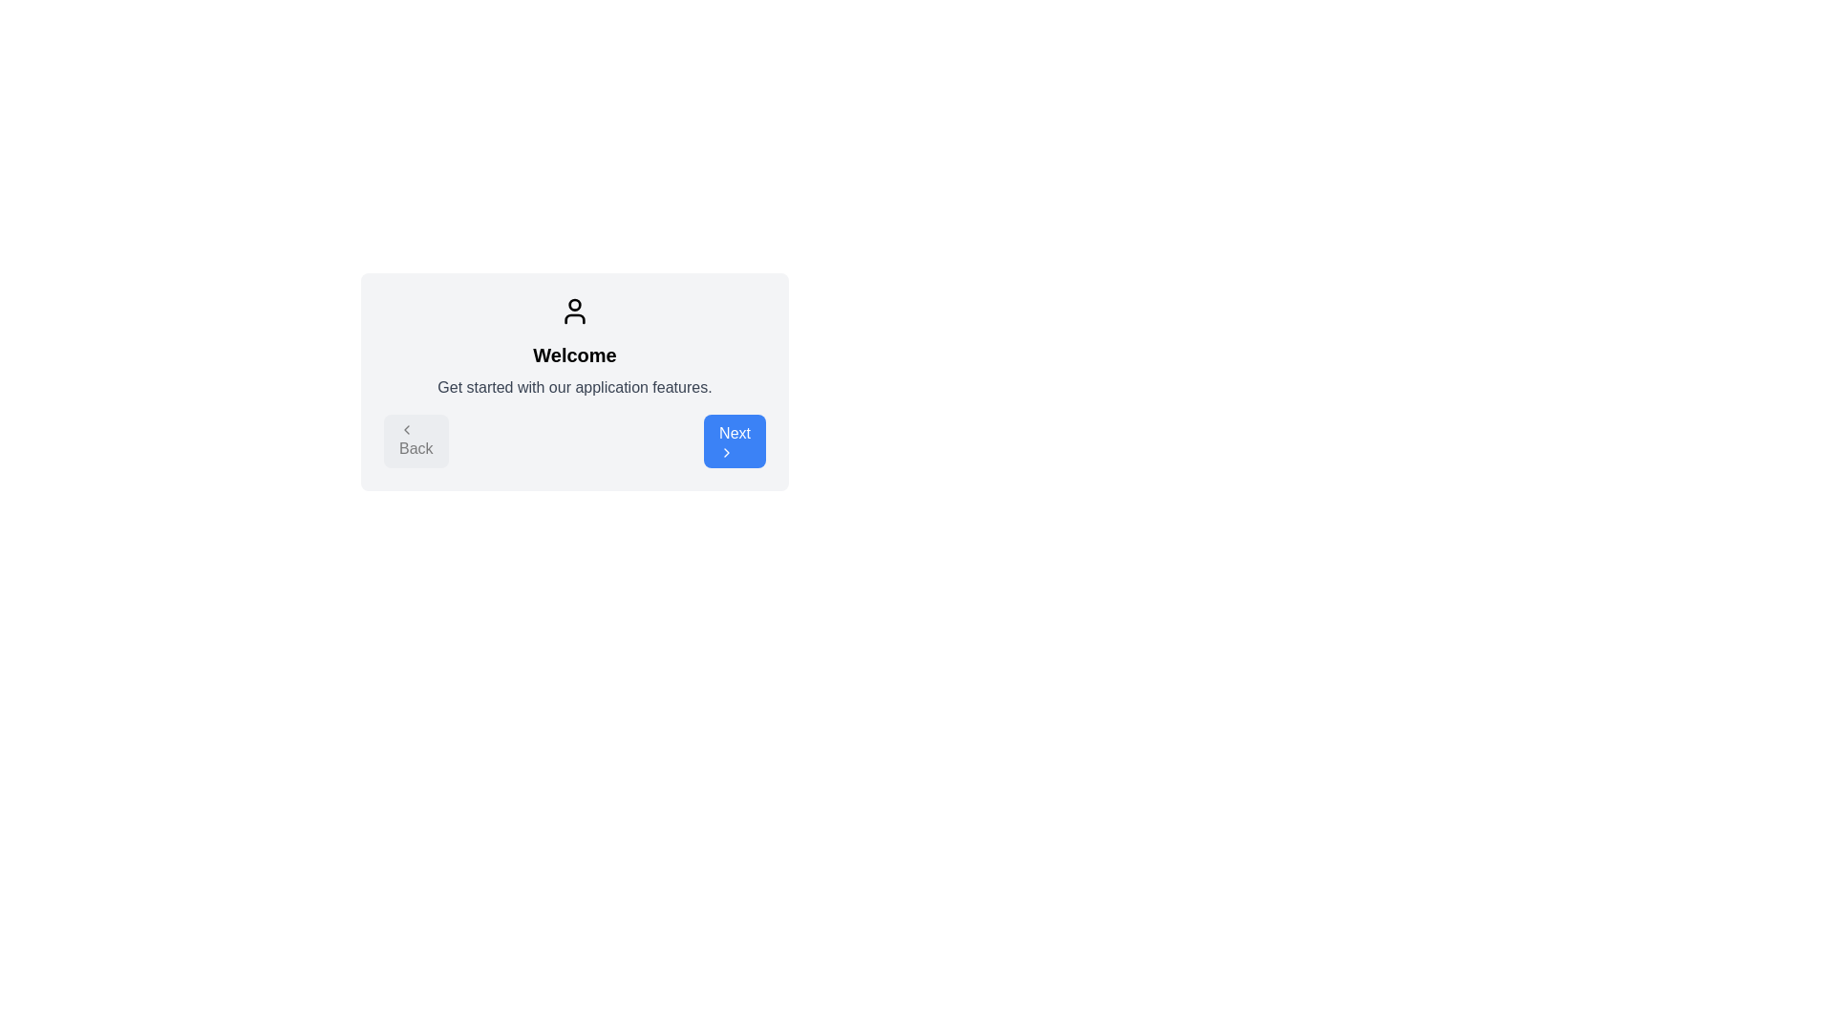 The height and width of the screenshot is (1032, 1834). I want to click on the navigation button located on the left side of the horizontal layout, so click(415, 441).